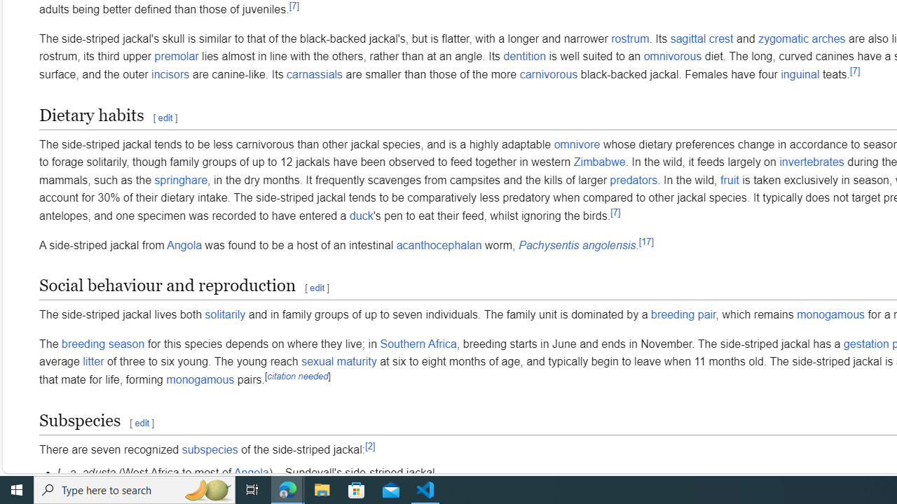 Image resolution: width=897 pixels, height=504 pixels. I want to click on 'invertebrates', so click(812, 162).